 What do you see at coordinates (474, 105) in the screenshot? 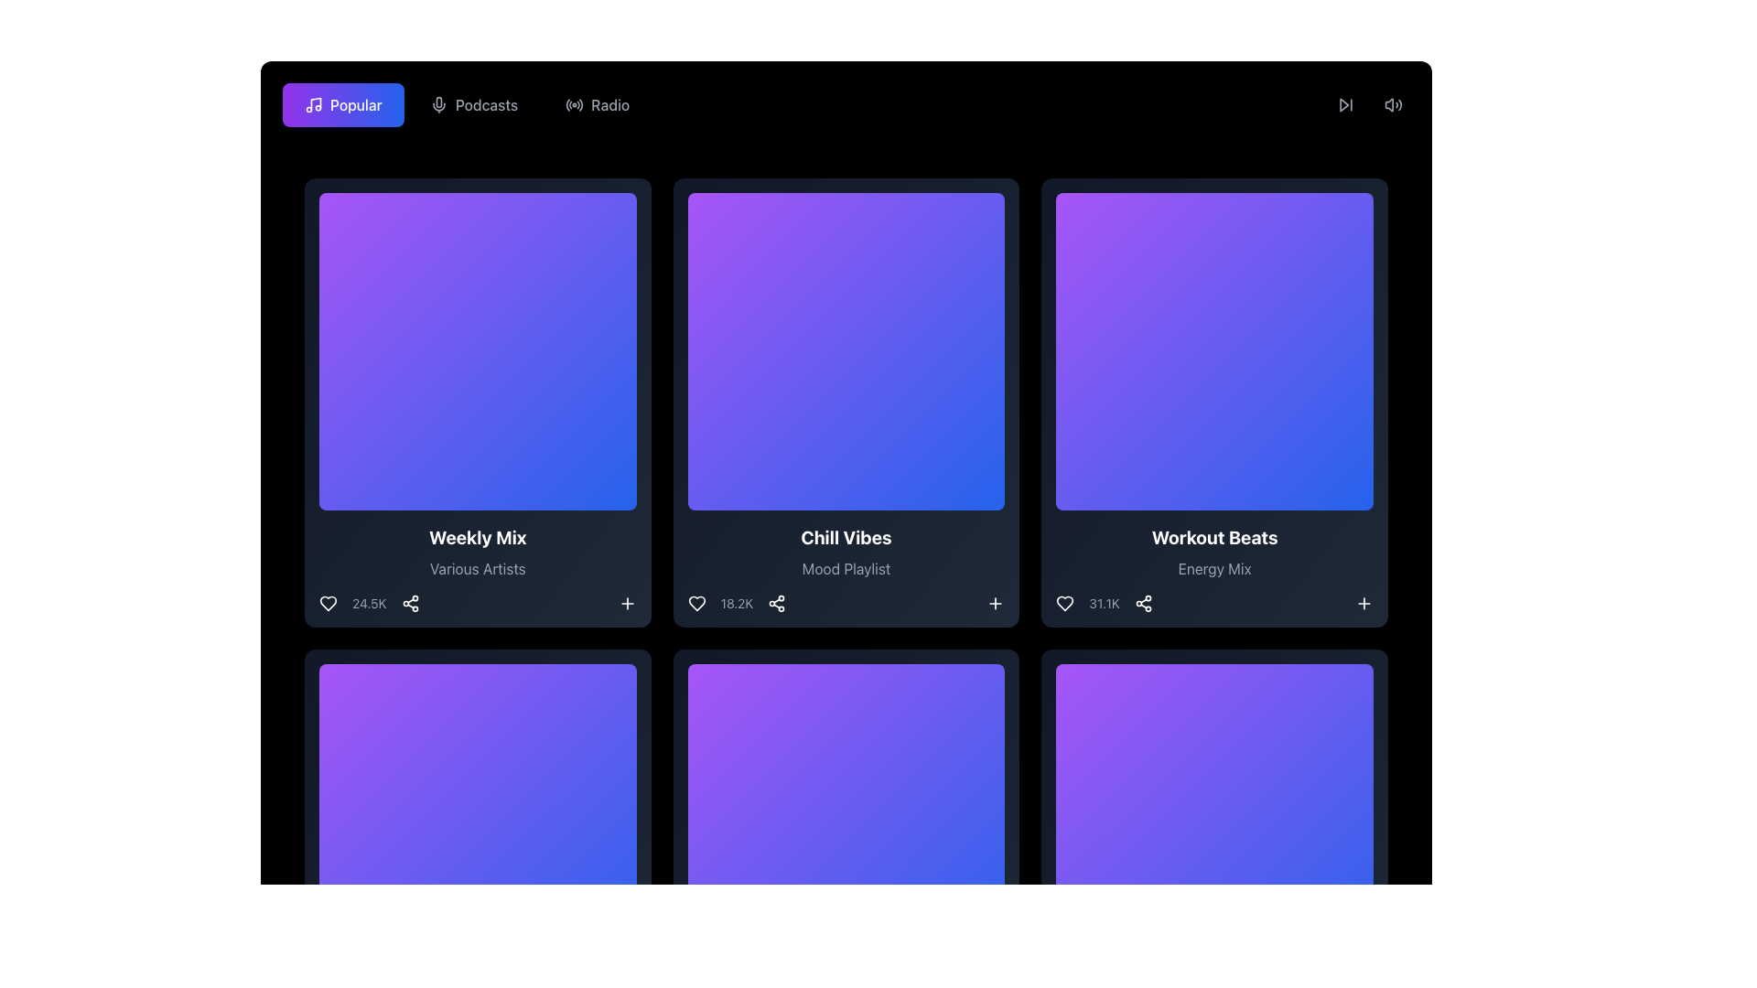
I see `the 'Podcasts' button in the navigation bar, which is identified by its microphone icon and label` at bounding box center [474, 105].